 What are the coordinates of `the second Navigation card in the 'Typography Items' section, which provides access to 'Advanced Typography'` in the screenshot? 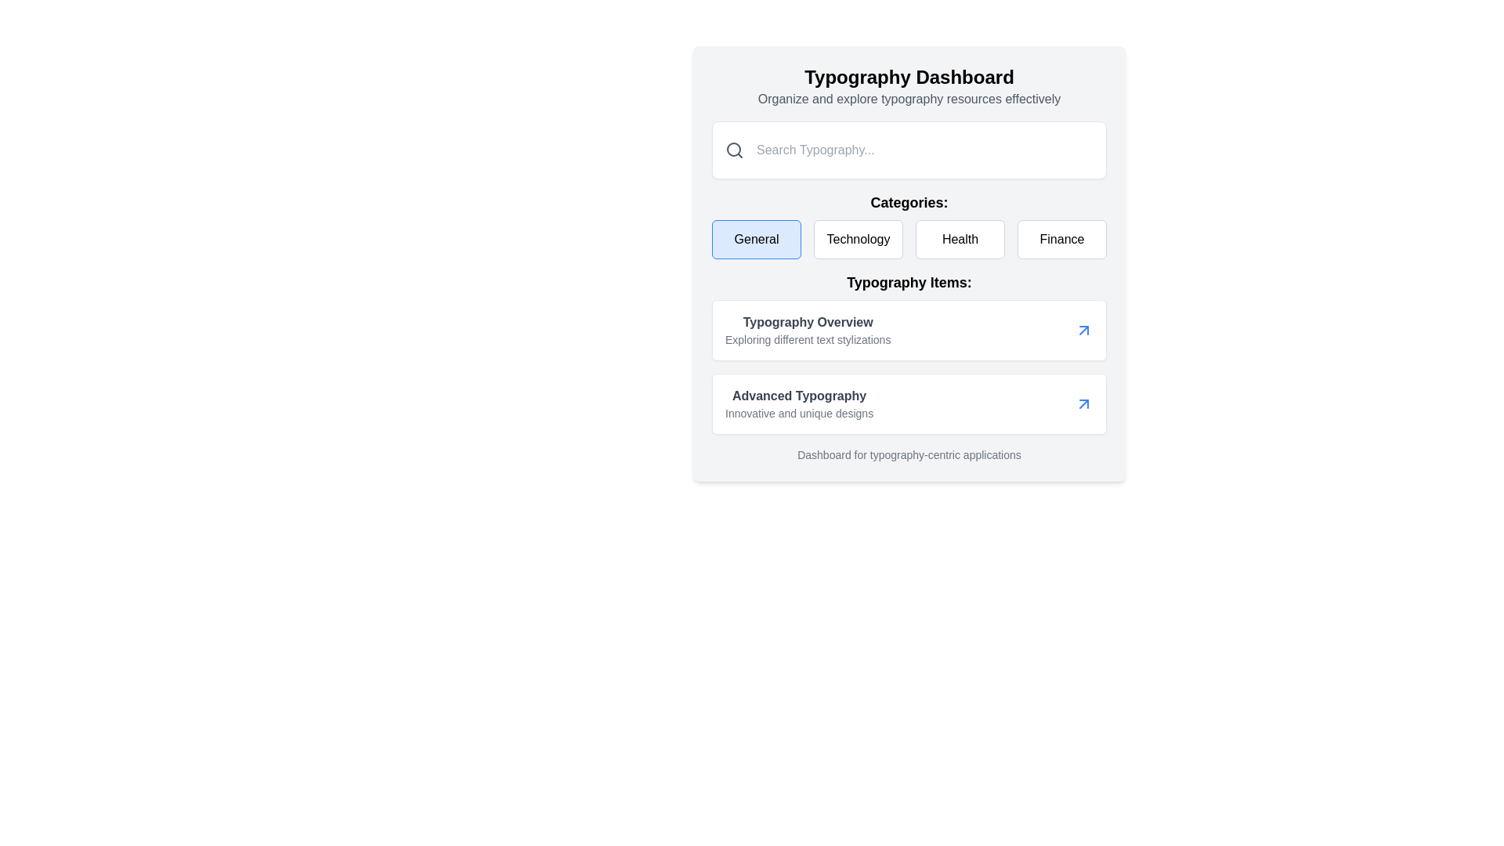 It's located at (909, 403).